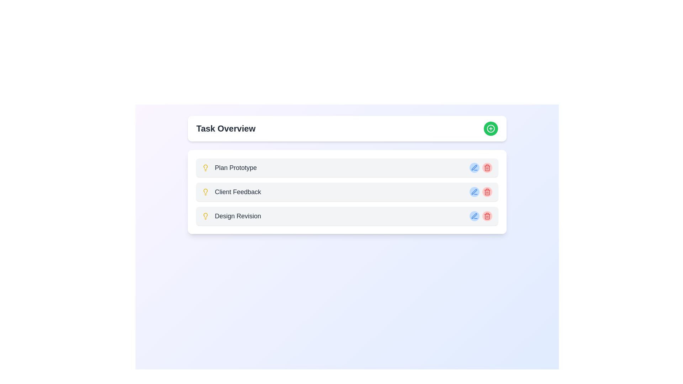 The width and height of the screenshot is (683, 384). I want to click on the edit button located in the middle-right side of the 'Client Feedback' task entry, so click(475, 192).